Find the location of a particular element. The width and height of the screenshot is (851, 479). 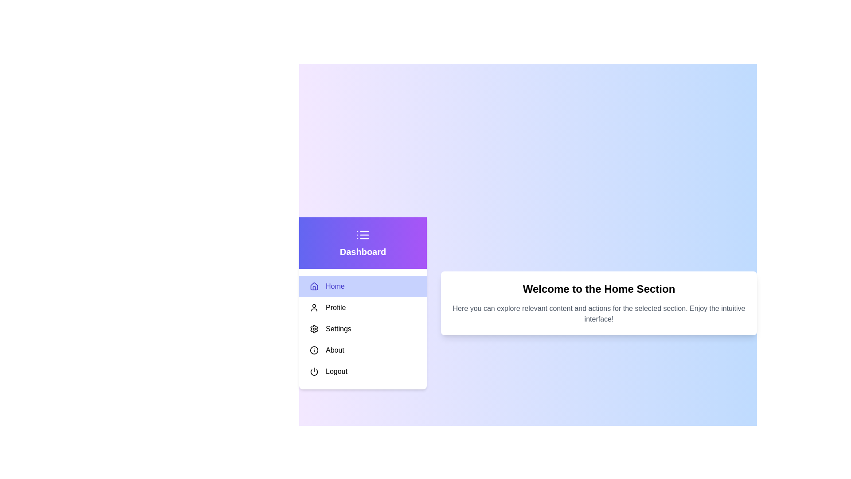

the menu item Profile to highlight it is located at coordinates (363, 307).